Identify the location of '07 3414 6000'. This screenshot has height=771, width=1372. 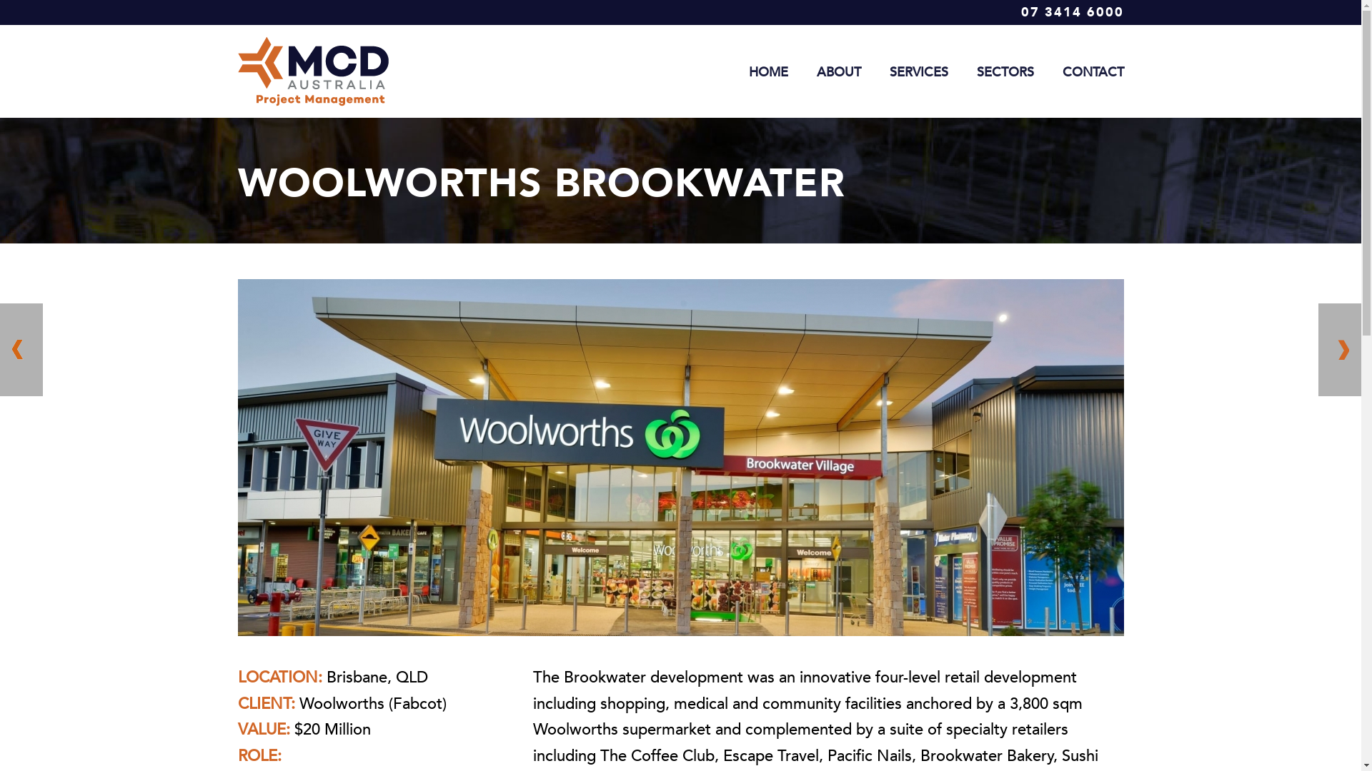
(1071, 12).